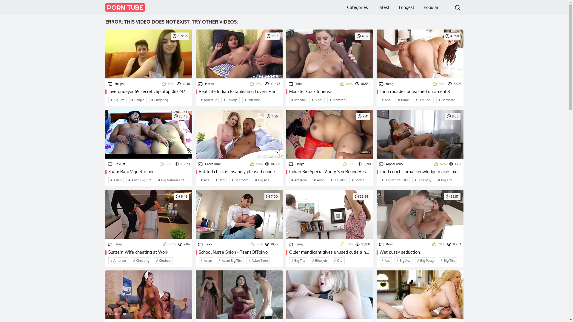 The width and height of the screenshot is (573, 322). I want to click on 'Big Cock', so click(423, 100).